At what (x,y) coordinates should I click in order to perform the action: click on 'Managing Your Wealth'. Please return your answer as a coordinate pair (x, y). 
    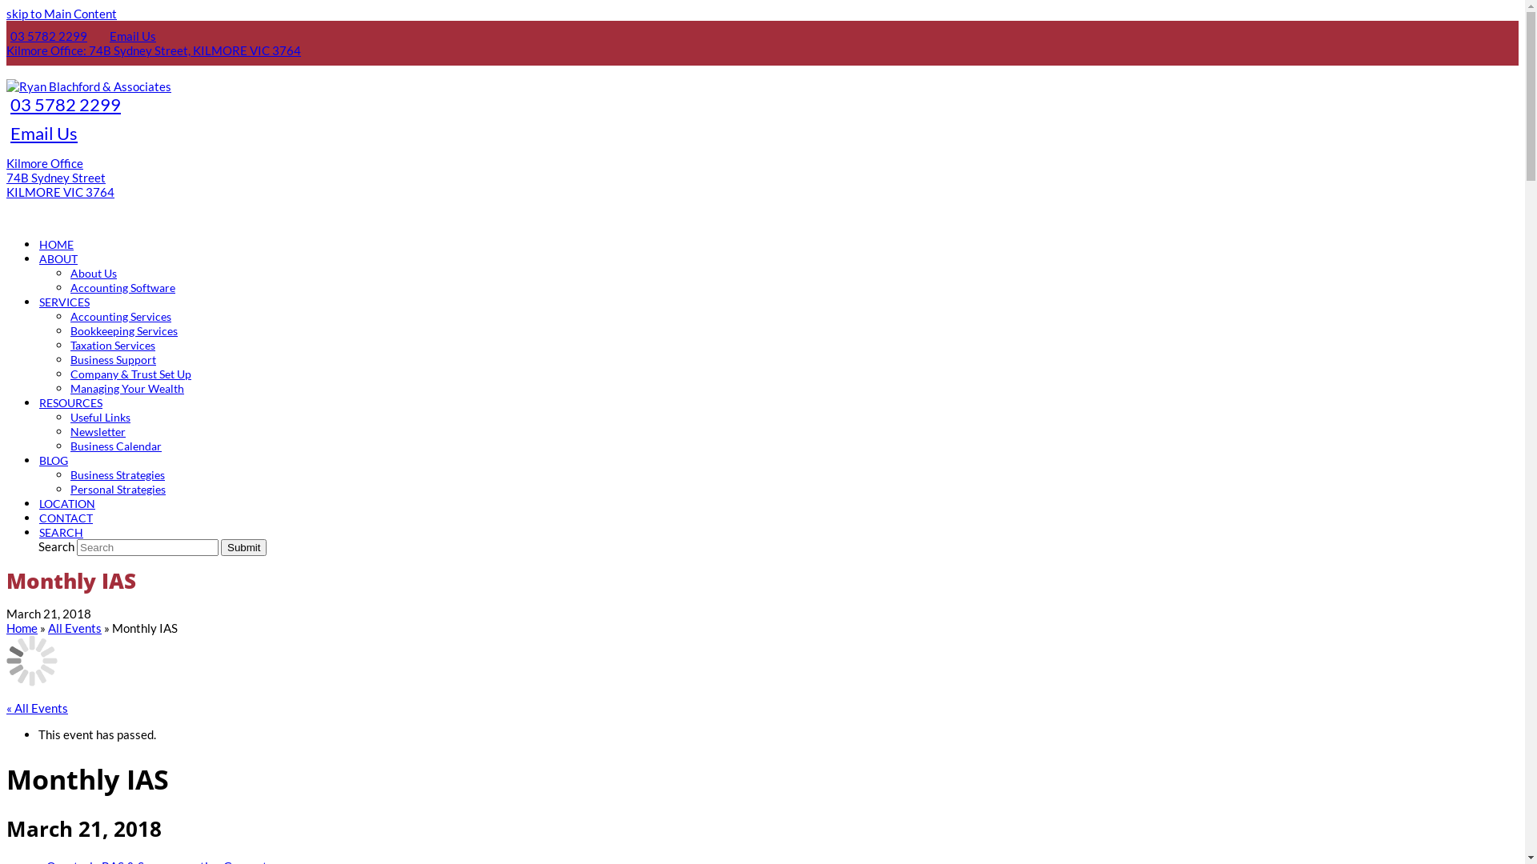
    Looking at the image, I should click on (126, 388).